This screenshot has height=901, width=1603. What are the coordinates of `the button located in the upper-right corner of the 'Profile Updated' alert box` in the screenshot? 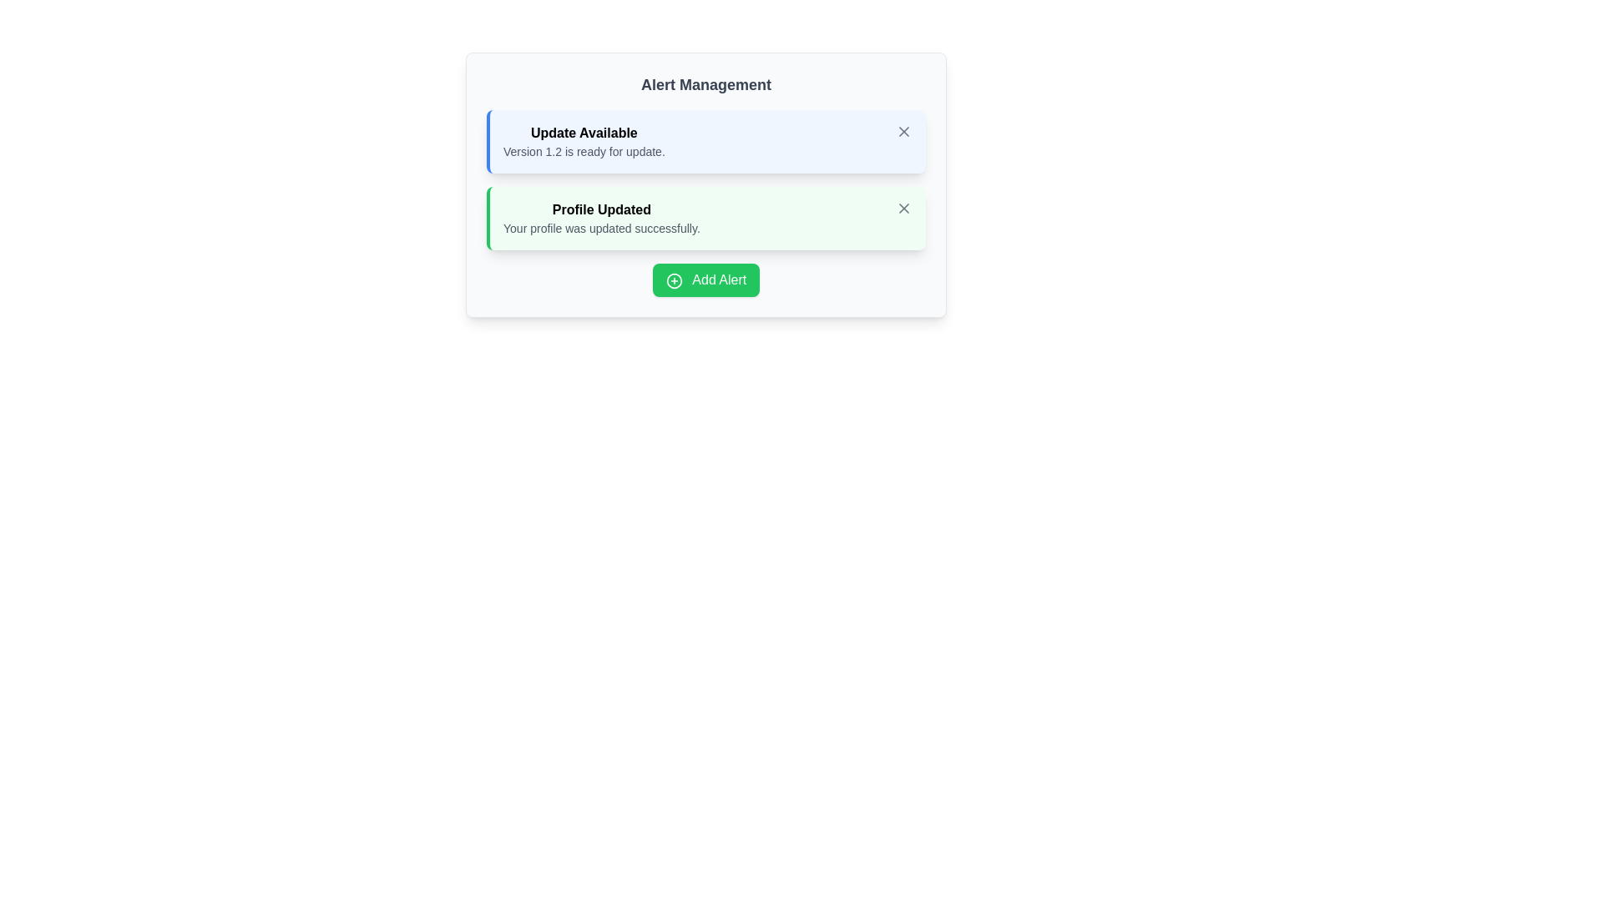 It's located at (903, 208).